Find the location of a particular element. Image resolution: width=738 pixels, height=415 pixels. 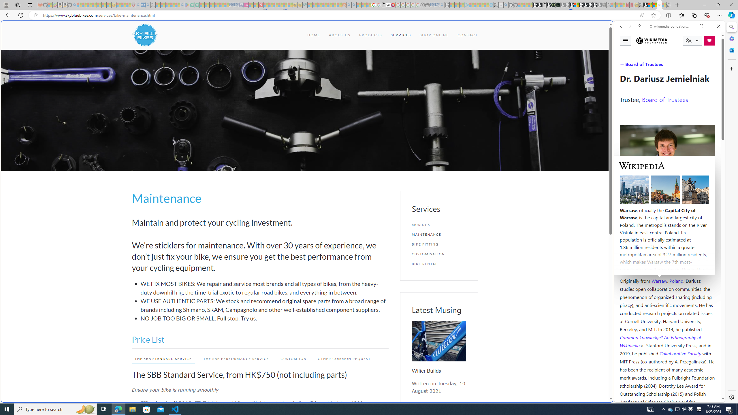

'14 Common Myths Debunked By Scientific Facts - Sleeping' is located at coordinates (270, 5).